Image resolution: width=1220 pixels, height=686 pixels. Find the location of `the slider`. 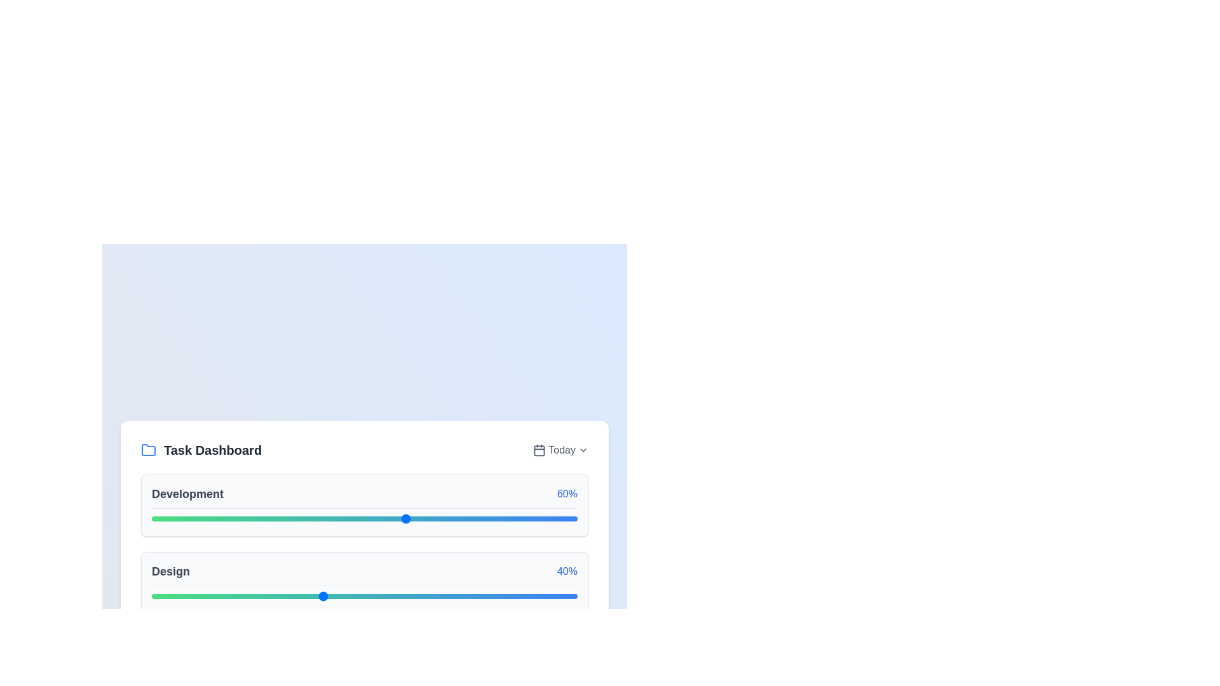

the slider is located at coordinates (398, 519).